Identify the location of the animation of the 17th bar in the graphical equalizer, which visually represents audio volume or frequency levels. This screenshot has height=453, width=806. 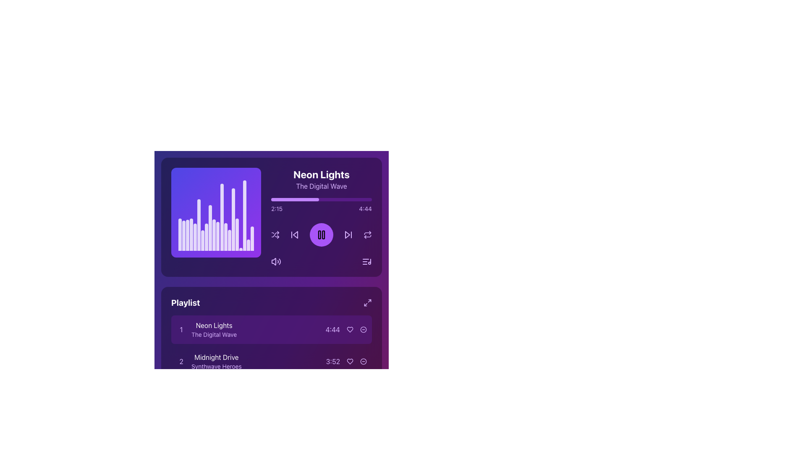
(236, 234).